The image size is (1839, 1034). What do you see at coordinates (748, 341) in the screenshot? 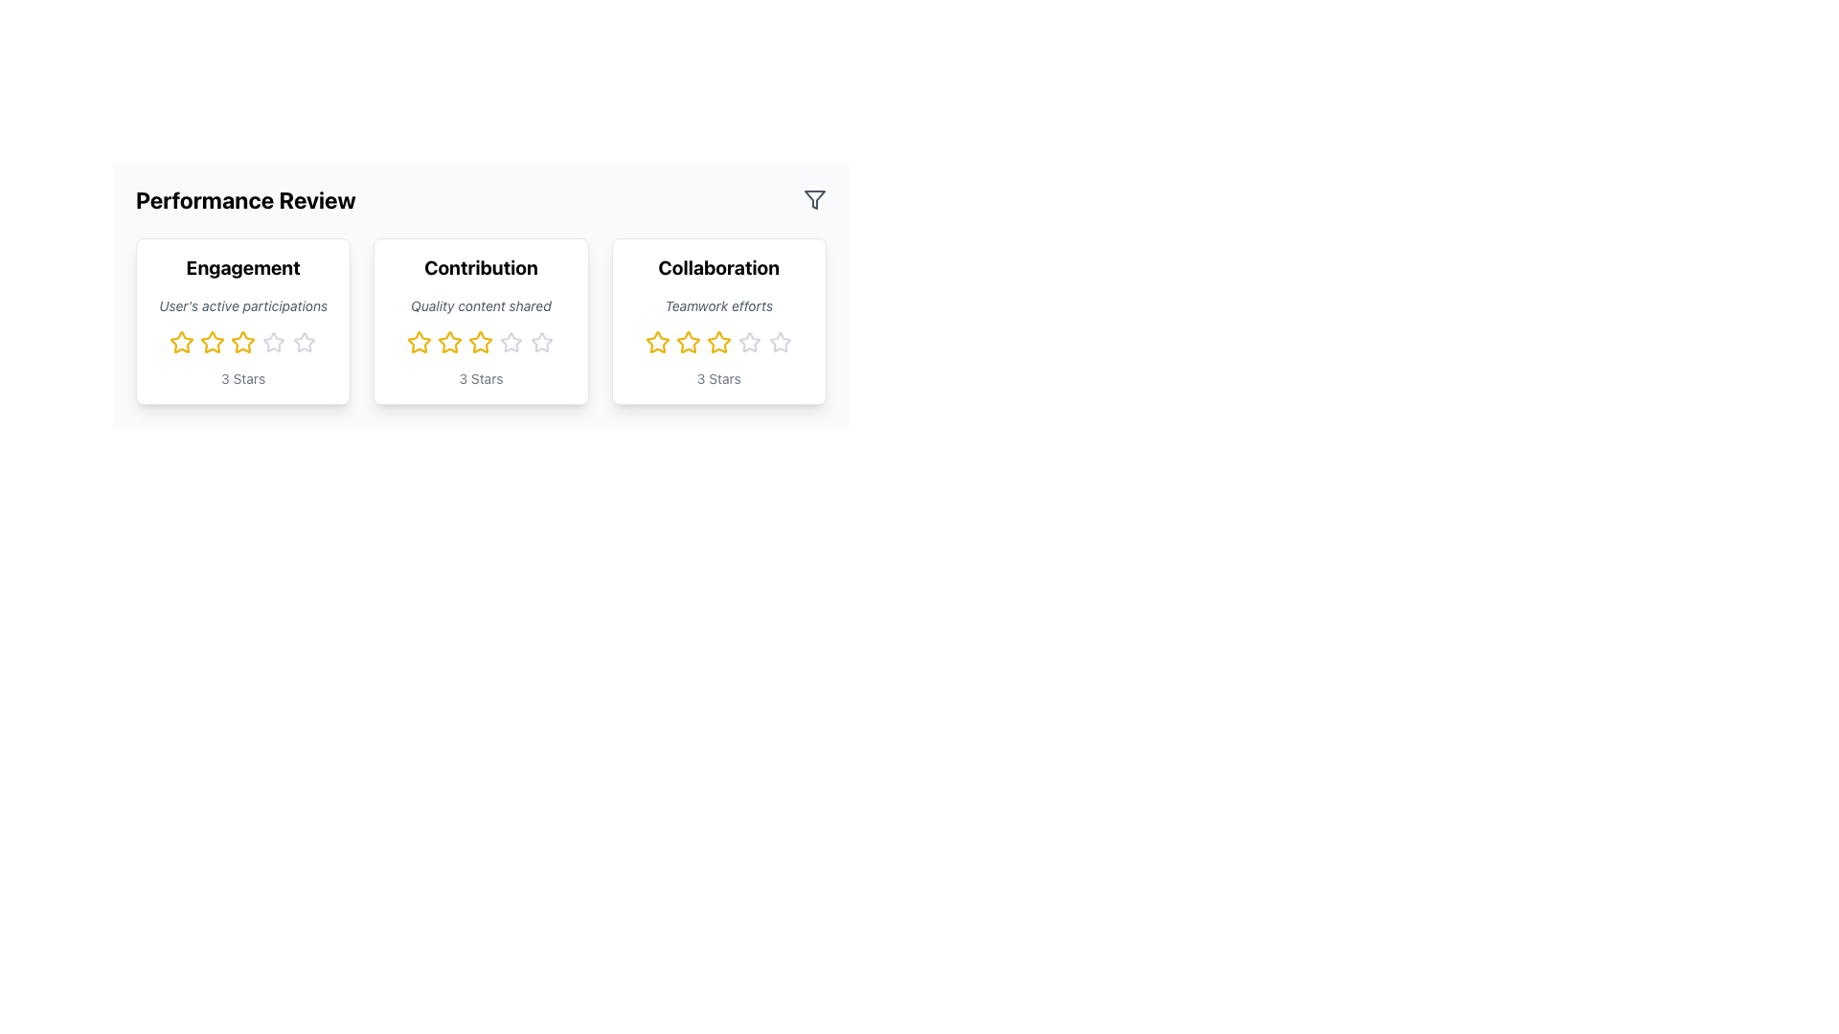
I see `the fourth star in the star rating system for the 'Collaboration' category in the 'Performance Review' section` at bounding box center [748, 341].